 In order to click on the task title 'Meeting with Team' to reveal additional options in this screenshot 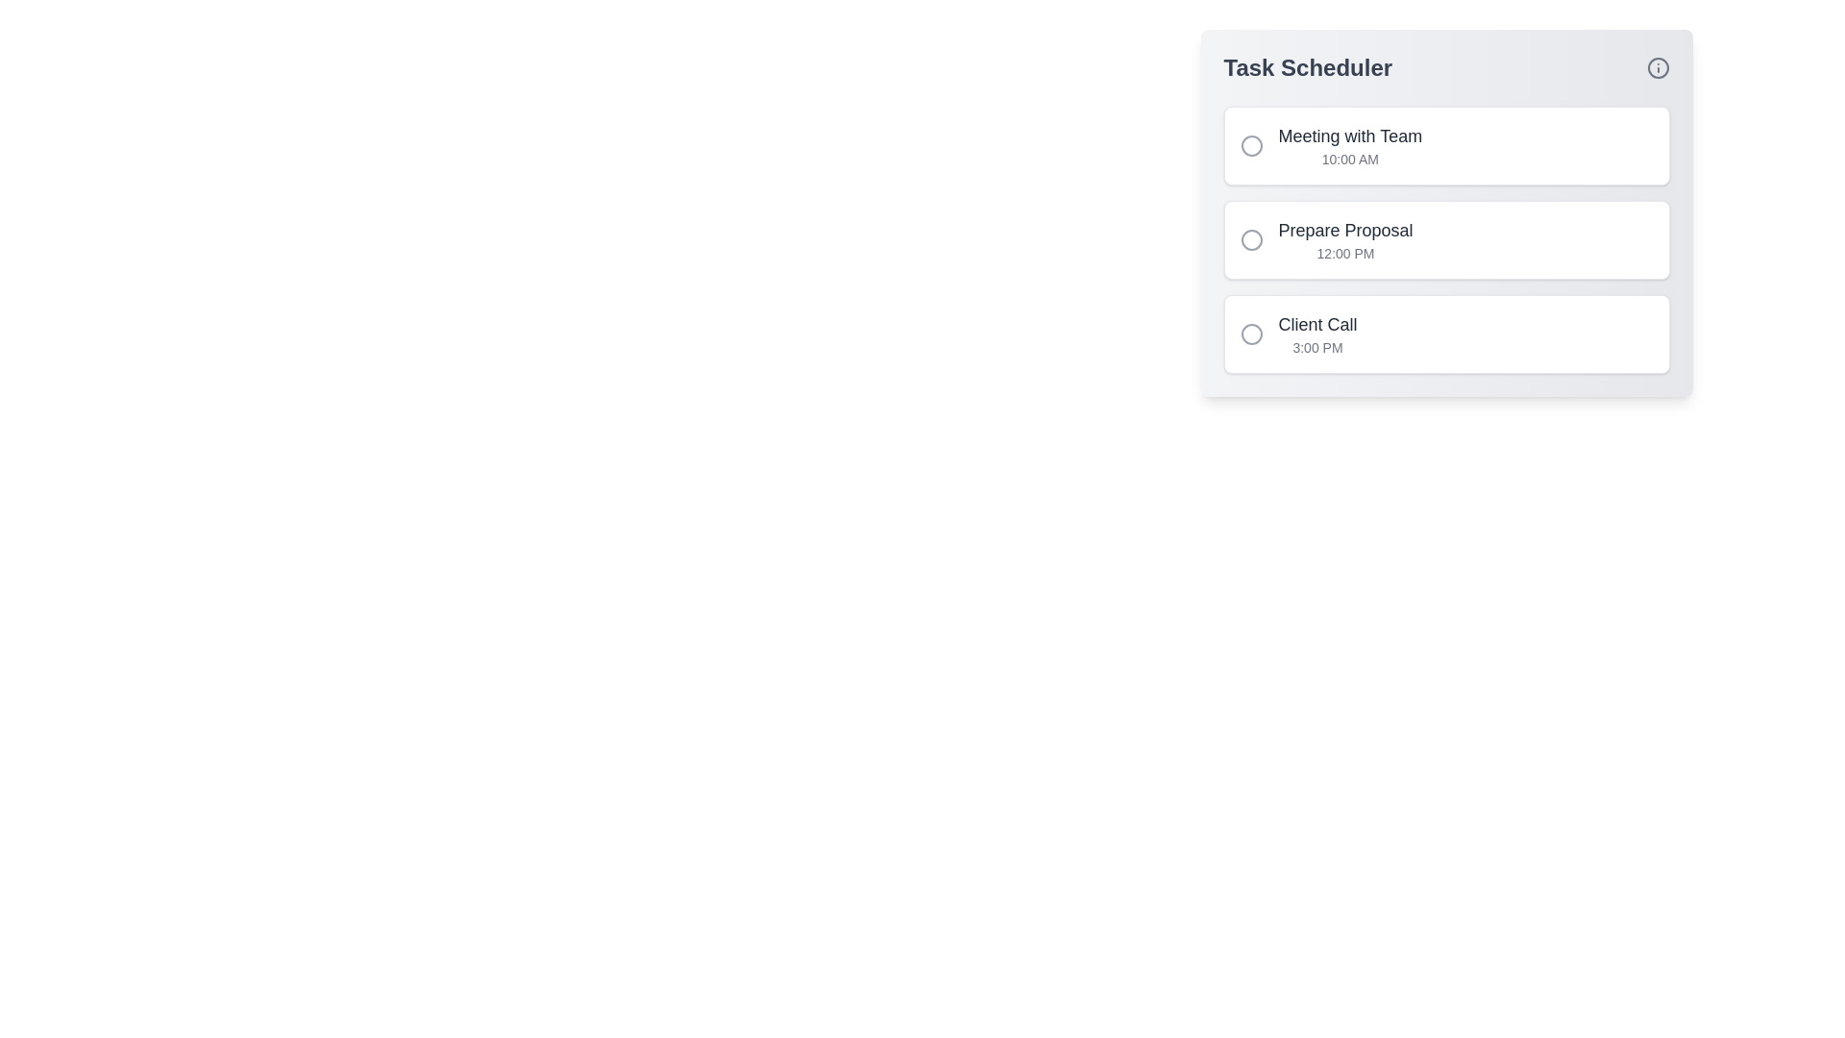, I will do `click(1349, 136)`.